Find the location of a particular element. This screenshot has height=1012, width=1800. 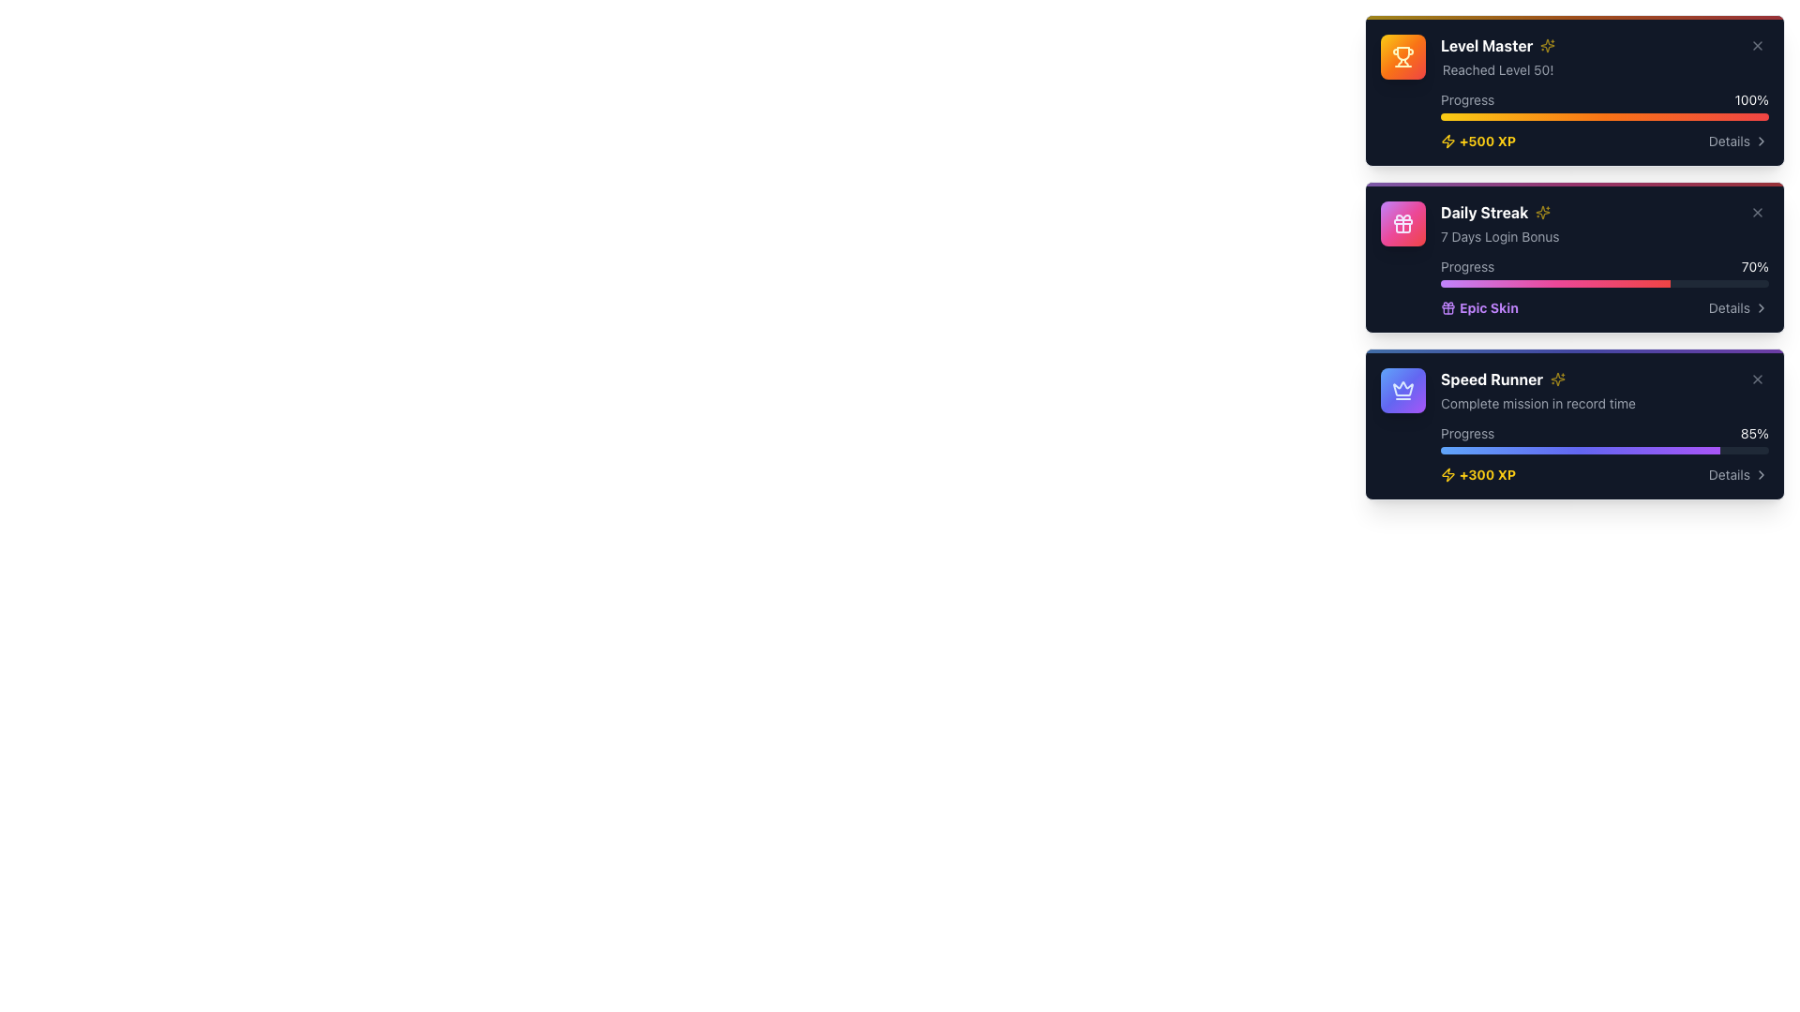

displayed value of the Label indicating the progress measurement for the 'Daily Streak' section, which shows 70% completion is located at coordinates (1754, 267).